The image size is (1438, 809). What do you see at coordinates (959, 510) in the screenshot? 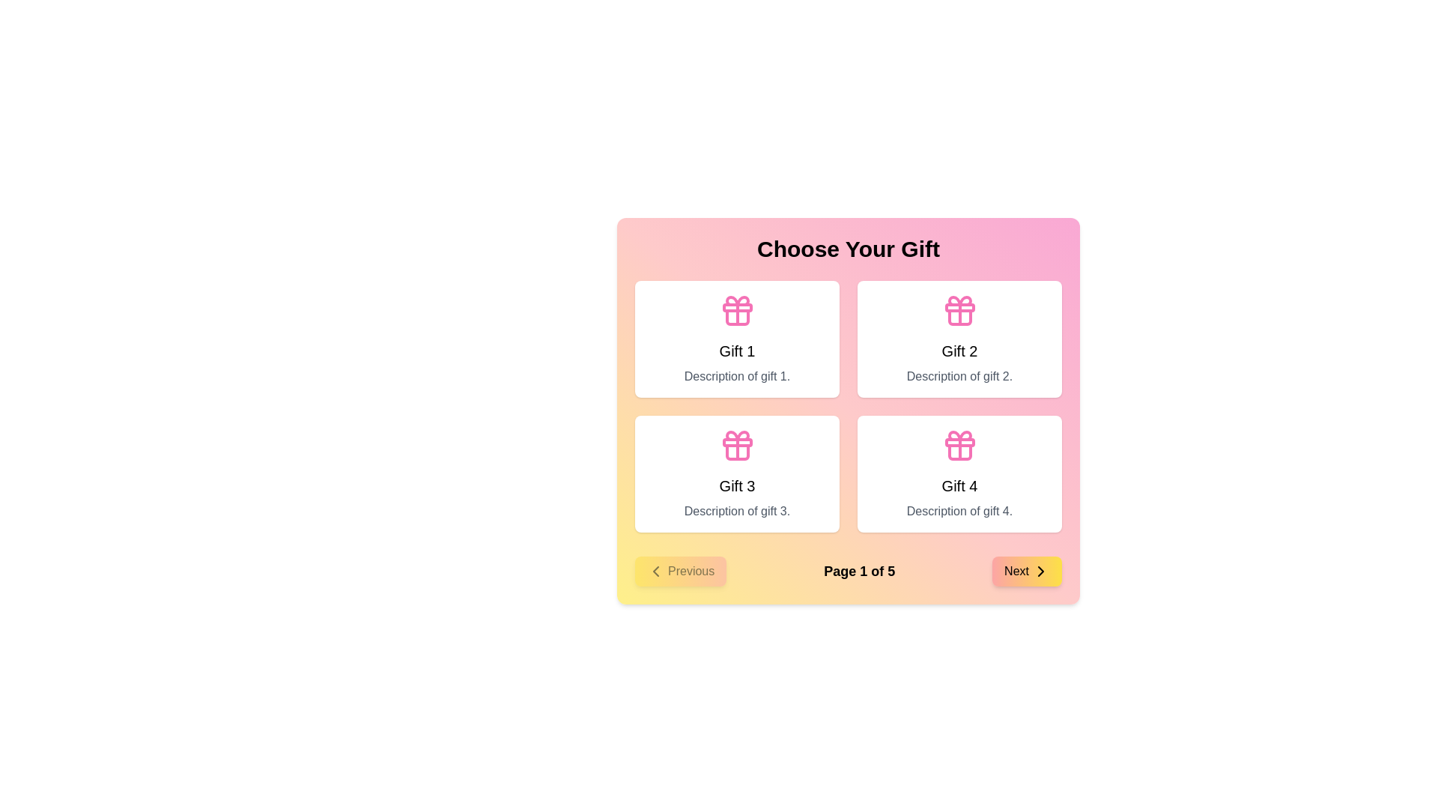
I see `the text label reading 'Description of gift 4.' styled in gray font, located beneath the 'Gift 4' title in the bottom-right card section` at bounding box center [959, 510].